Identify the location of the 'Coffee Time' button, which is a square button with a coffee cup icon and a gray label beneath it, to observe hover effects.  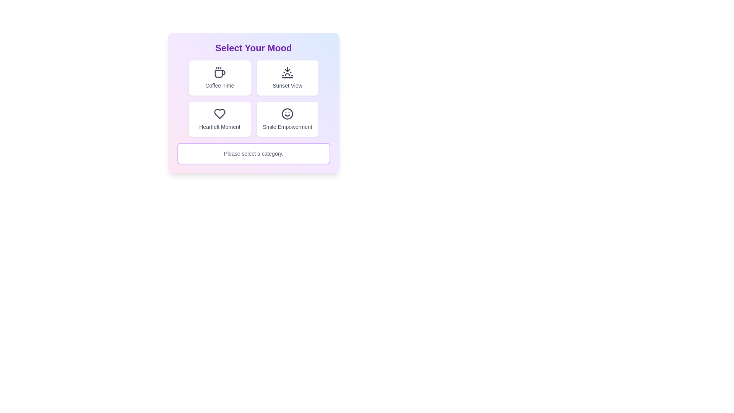
(219, 78).